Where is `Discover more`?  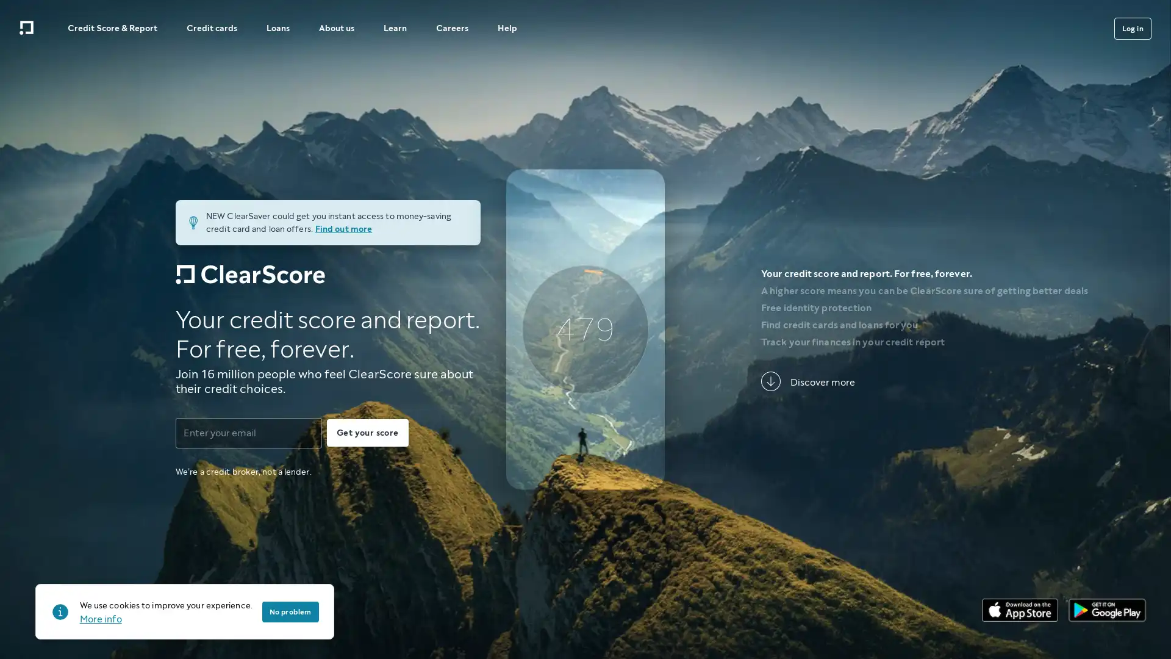 Discover more is located at coordinates (808, 381).